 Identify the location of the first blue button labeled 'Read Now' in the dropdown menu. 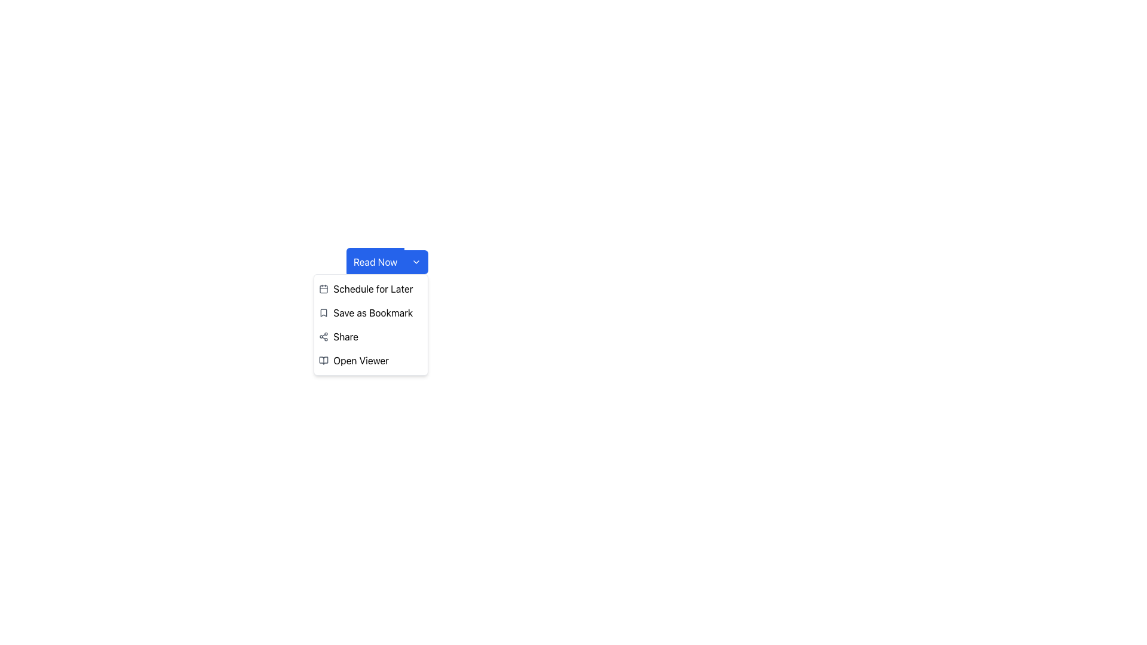
(375, 262).